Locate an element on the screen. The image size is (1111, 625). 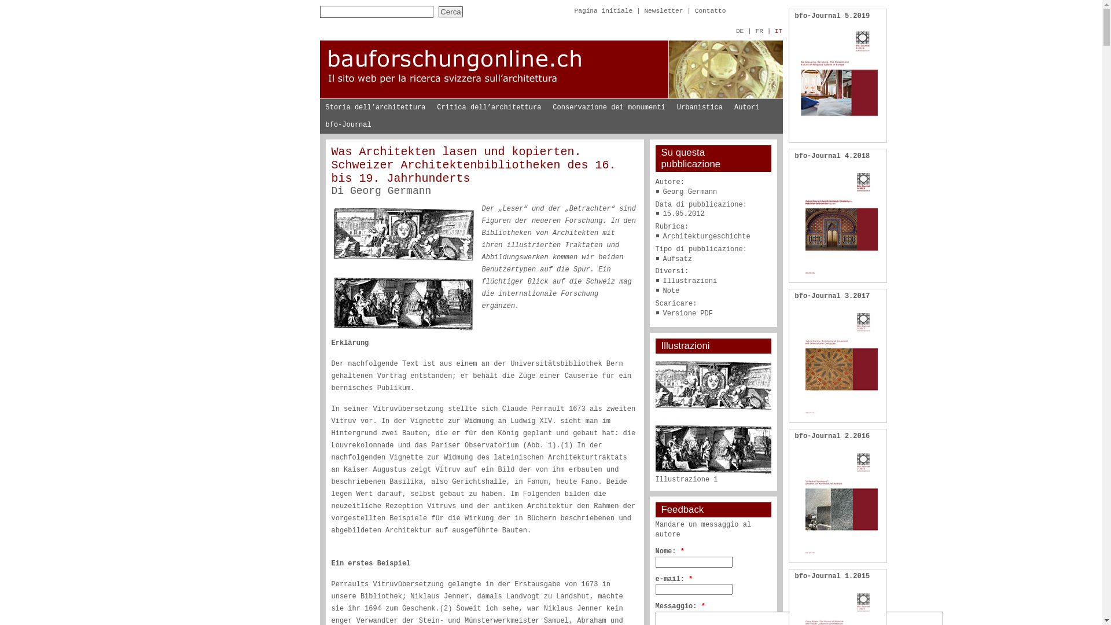
'Inserisci i termini da cercare.' is located at coordinates (376, 12).